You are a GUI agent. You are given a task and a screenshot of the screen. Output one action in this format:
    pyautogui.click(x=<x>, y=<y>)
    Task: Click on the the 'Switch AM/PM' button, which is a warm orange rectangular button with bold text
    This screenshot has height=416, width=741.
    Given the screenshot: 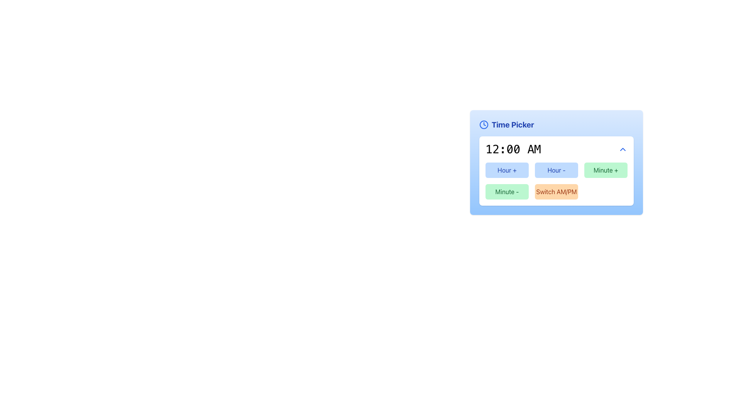 What is the action you would take?
    pyautogui.click(x=556, y=191)
    